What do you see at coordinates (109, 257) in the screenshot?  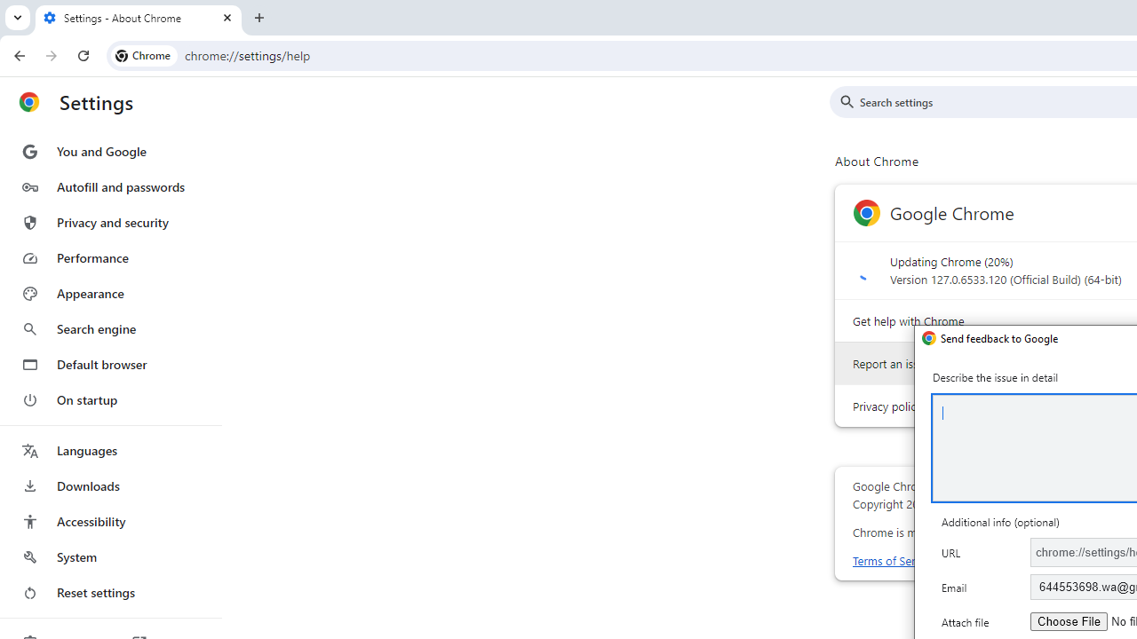 I see `'Performance'` at bounding box center [109, 257].